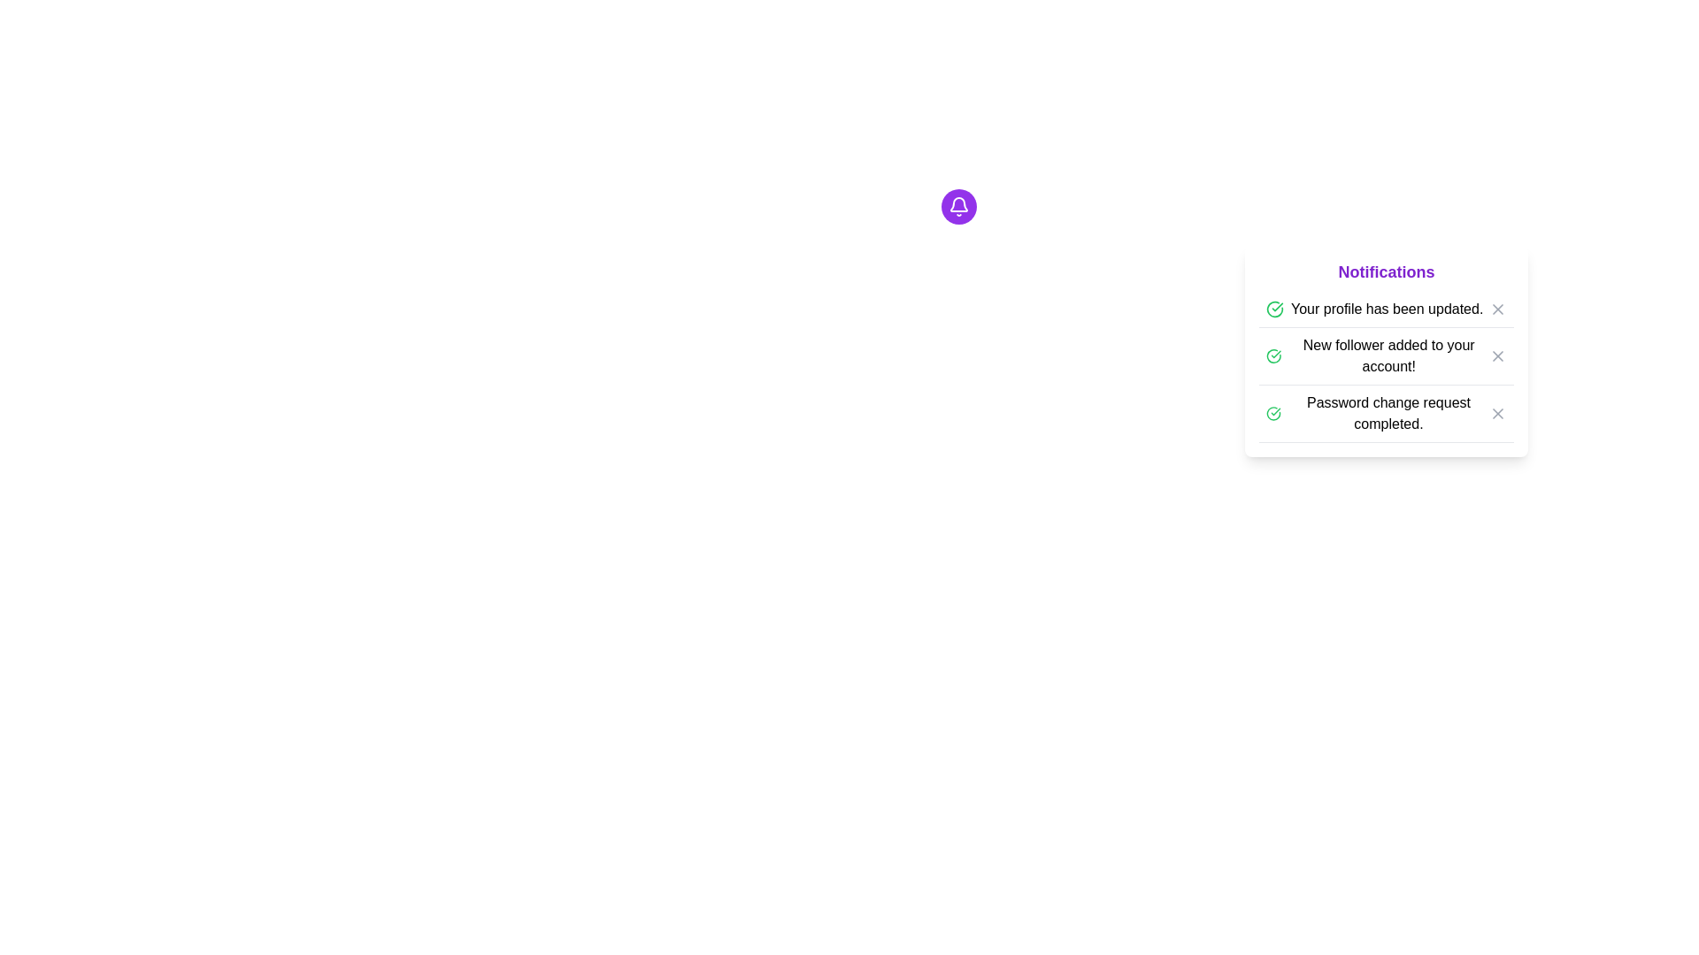 This screenshot has height=955, width=1699. What do you see at coordinates (1385, 413) in the screenshot?
I see `notification message that says 'Password change request completed.' located as the third item in the list of notifications` at bounding box center [1385, 413].